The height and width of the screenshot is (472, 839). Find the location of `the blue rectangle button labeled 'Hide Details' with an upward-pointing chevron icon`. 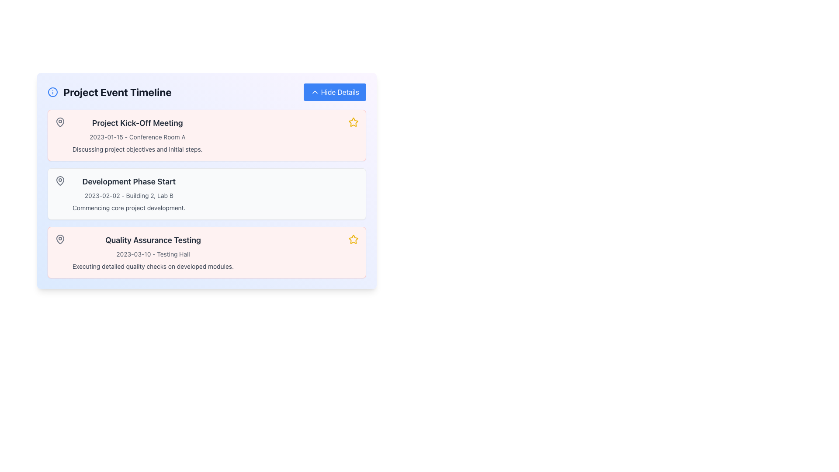

the blue rectangle button labeled 'Hide Details' with an upward-pointing chevron icon is located at coordinates (334, 92).